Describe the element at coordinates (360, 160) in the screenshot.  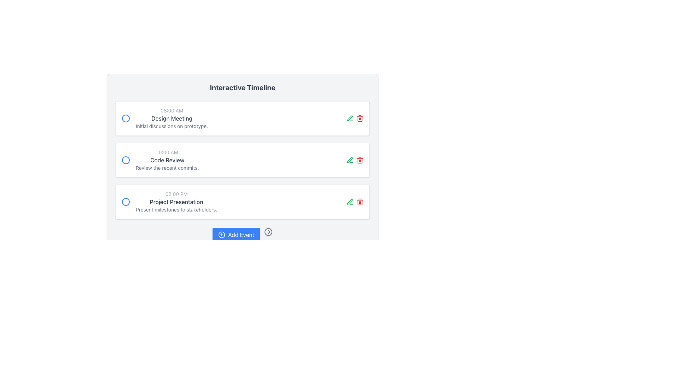
I see `the red trash can icon located in the bottom-right corner of the 'Code Review' card` at that location.